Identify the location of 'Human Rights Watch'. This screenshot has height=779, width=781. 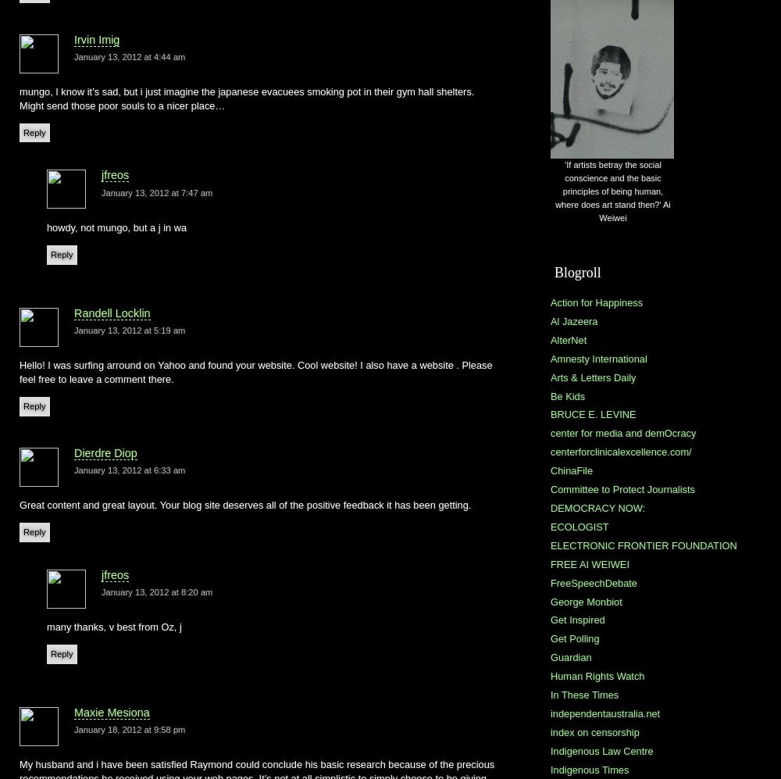
(597, 675).